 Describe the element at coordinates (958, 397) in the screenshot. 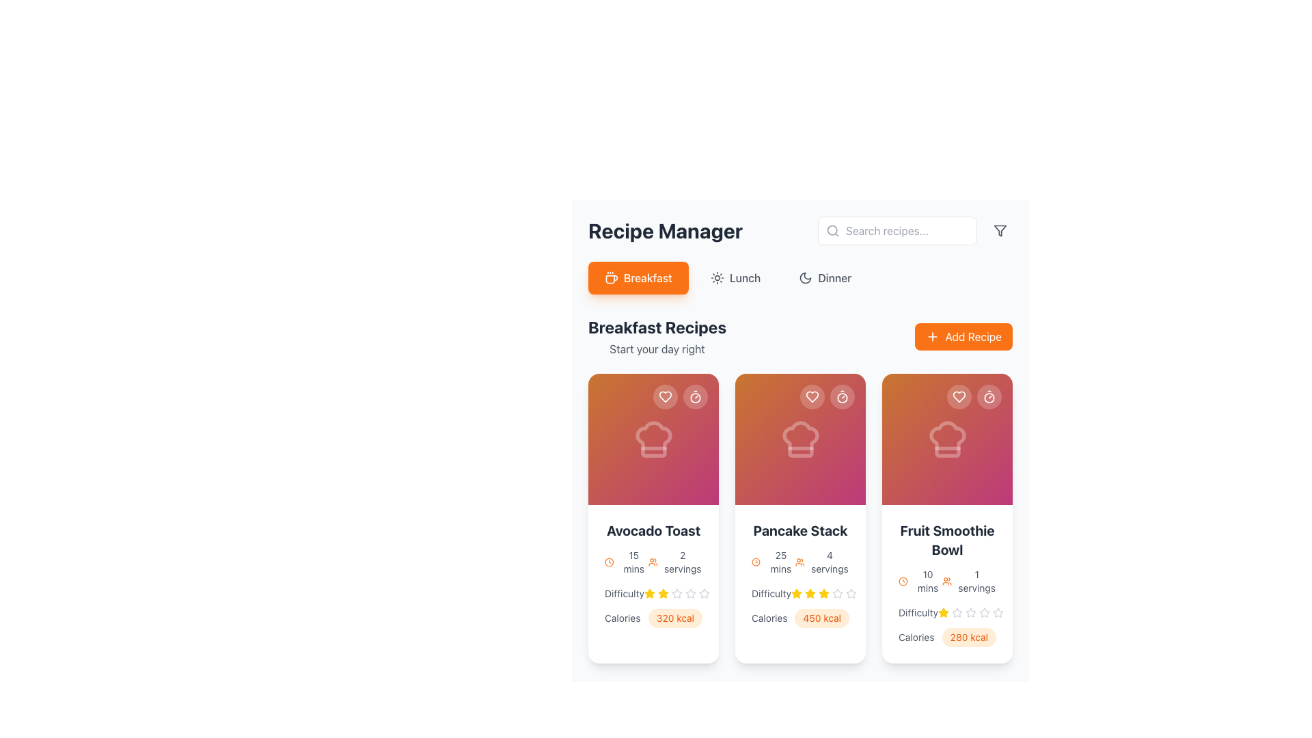

I see `the circular button with a white heart icon located at the top-right of the third recipe card to change its background color` at that location.